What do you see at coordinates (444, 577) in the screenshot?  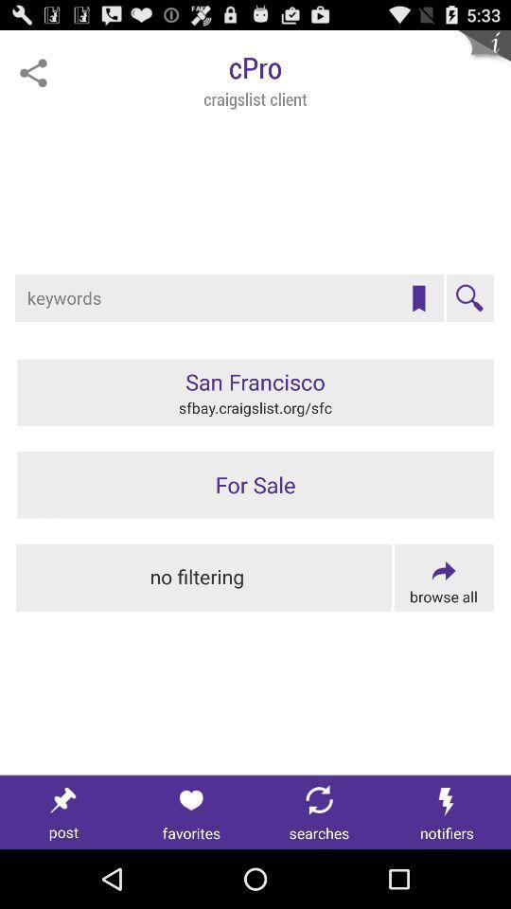 I see `search all` at bounding box center [444, 577].